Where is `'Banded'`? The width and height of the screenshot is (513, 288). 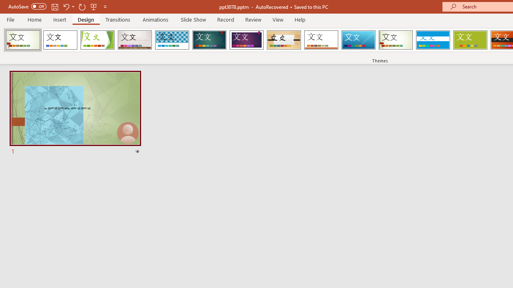 'Banded' is located at coordinates (432, 40).